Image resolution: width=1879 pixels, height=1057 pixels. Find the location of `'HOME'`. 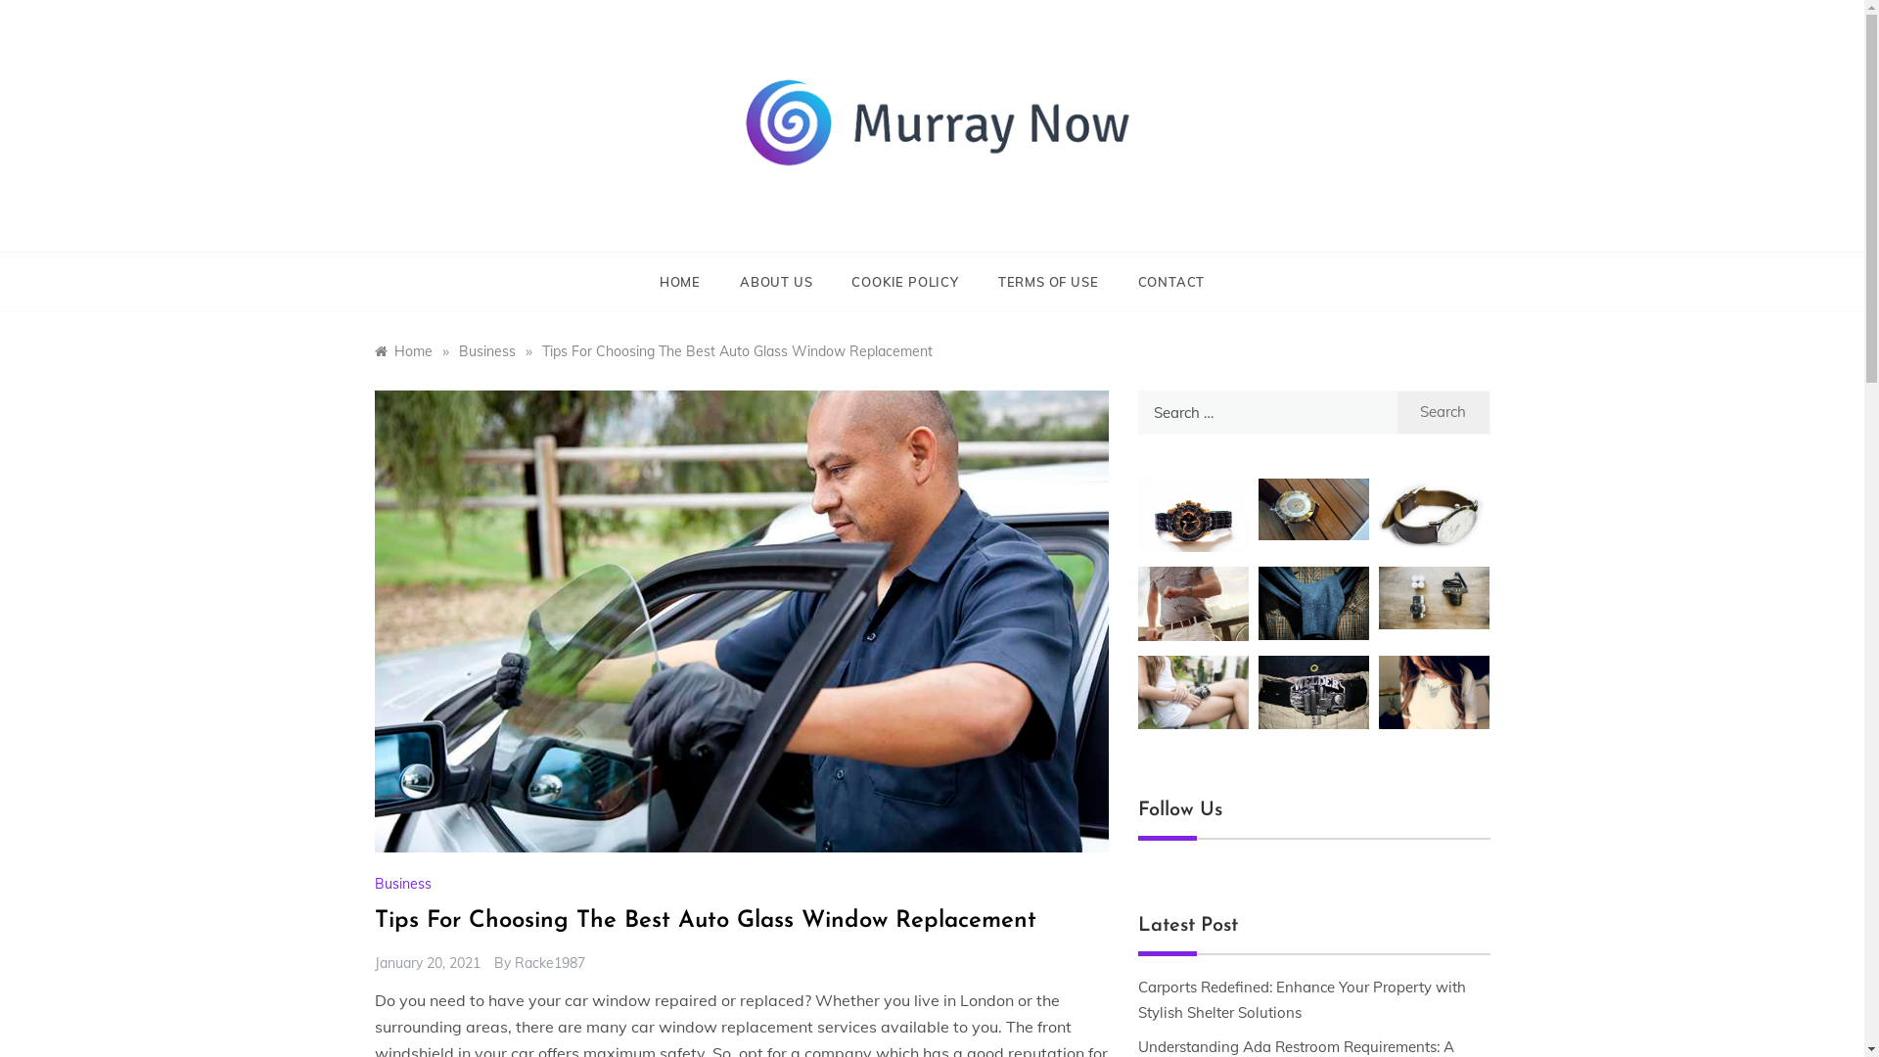

'HOME' is located at coordinates (690, 282).